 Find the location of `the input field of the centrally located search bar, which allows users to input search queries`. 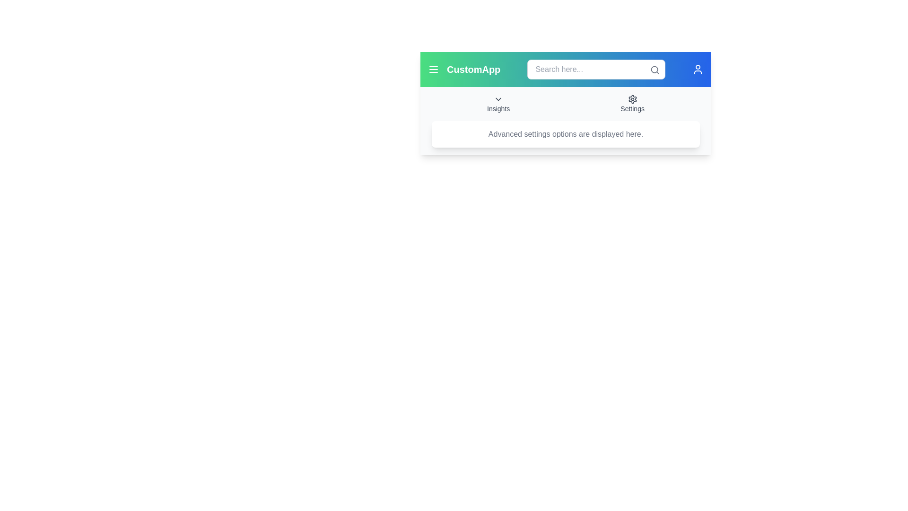

the input field of the centrally located search bar, which allows users to input search queries is located at coordinates (596, 69).